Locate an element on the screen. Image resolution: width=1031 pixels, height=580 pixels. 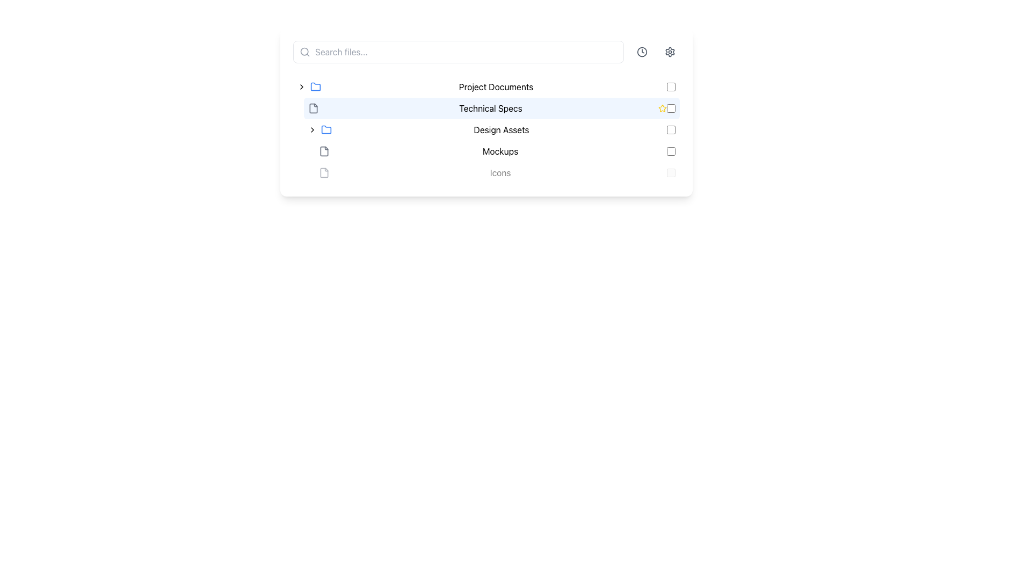
the settings gear icon located in the top-right corner of the interface to trigger hover effects is located at coordinates (670, 52).